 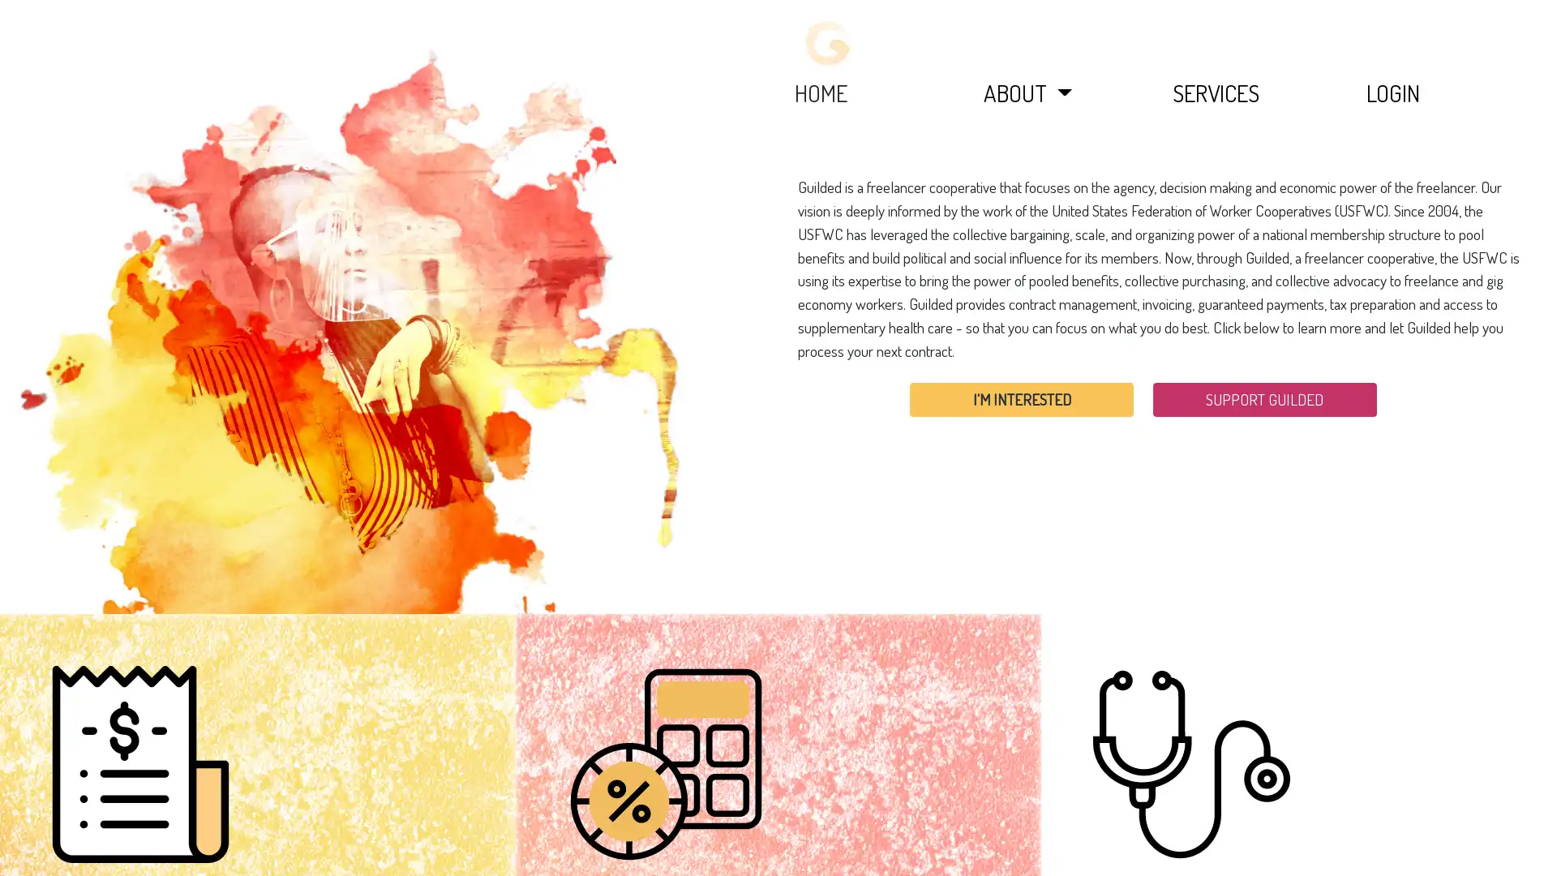 What do you see at coordinates (1263, 399) in the screenshot?
I see `SUPPORT GUILDED` at bounding box center [1263, 399].